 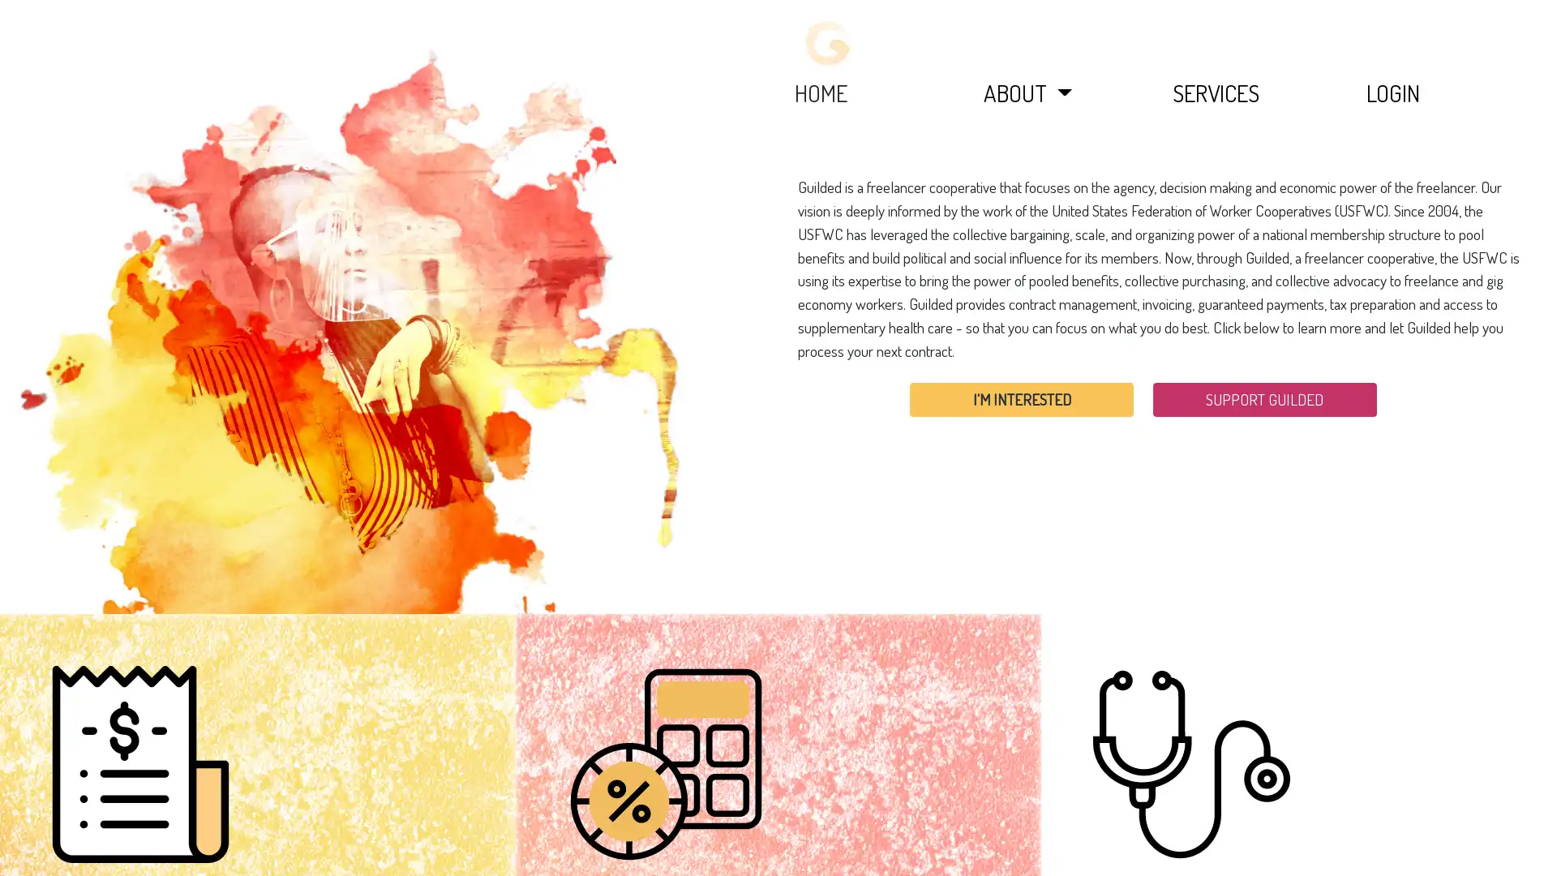 What do you see at coordinates (1263, 399) in the screenshot?
I see `SUPPORT GUILDED` at bounding box center [1263, 399].